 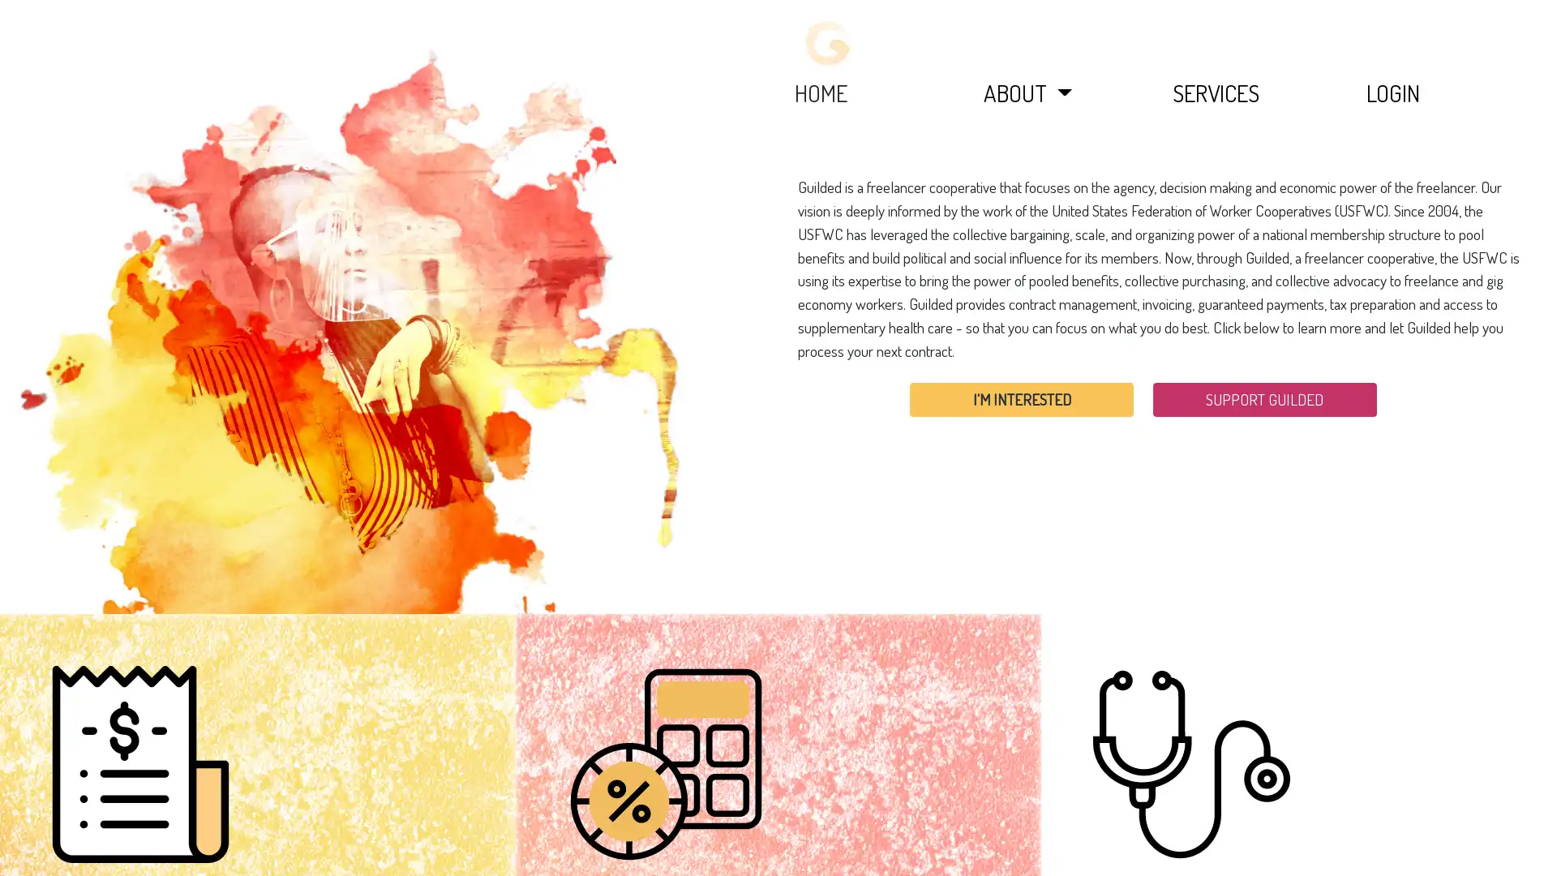 What do you see at coordinates (1263, 399) in the screenshot?
I see `SUPPORT GUILDED` at bounding box center [1263, 399].